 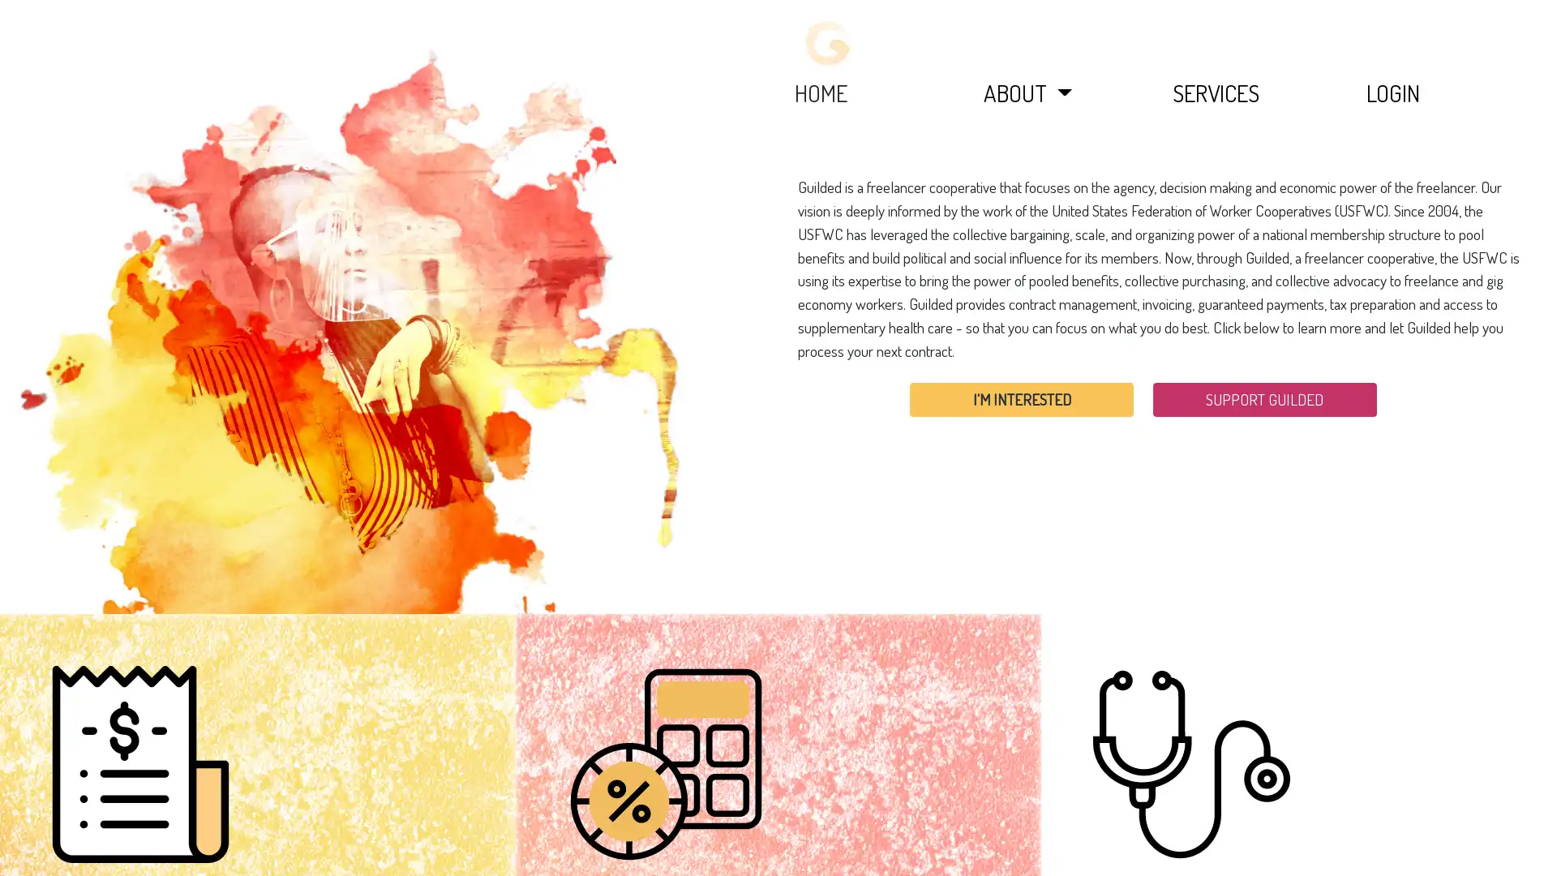 What do you see at coordinates (1263, 399) in the screenshot?
I see `SUPPORT GUILDED` at bounding box center [1263, 399].